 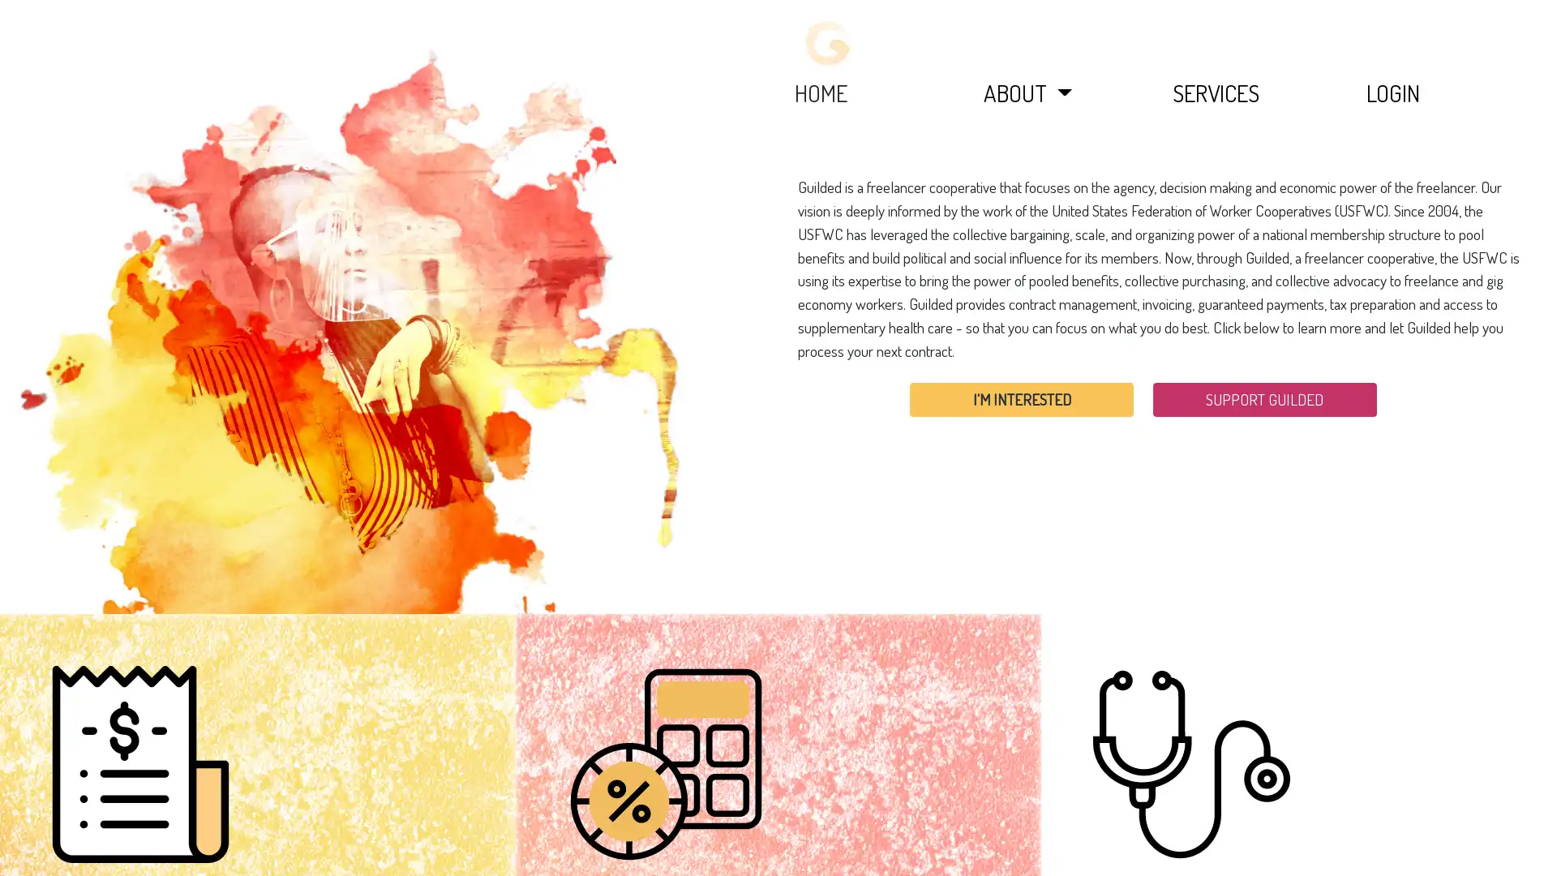 What do you see at coordinates (1263, 399) in the screenshot?
I see `SUPPORT GUILDED` at bounding box center [1263, 399].